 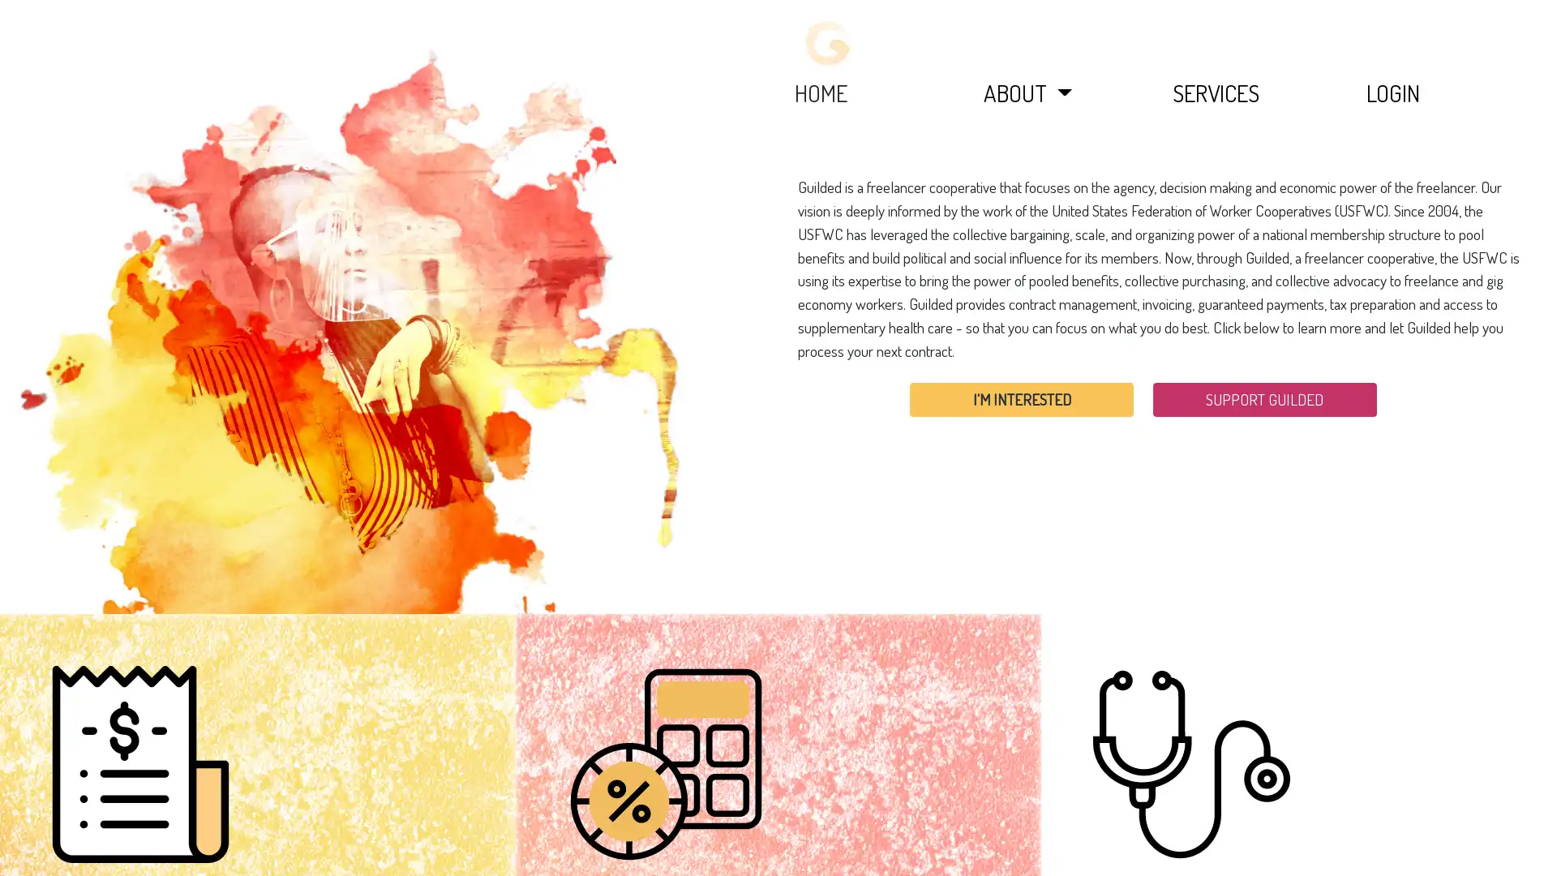 What do you see at coordinates (1263, 399) in the screenshot?
I see `SUPPORT GUILDED` at bounding box center [1263, 399].